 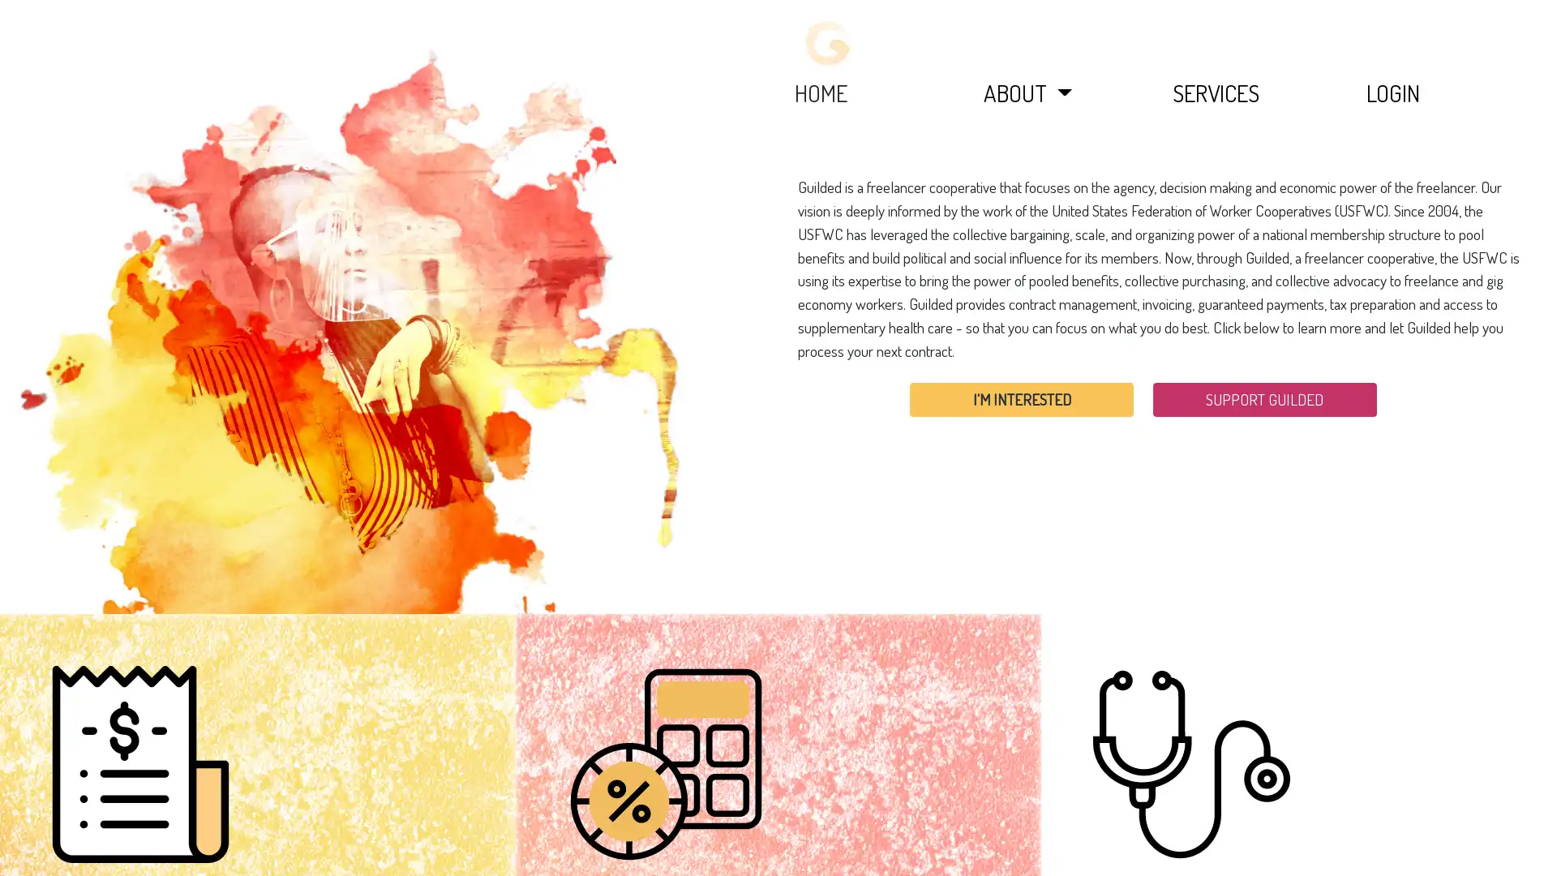 What do you see at coordinates (1263, 399) in the screenshot?
I see `SUPPORT GUILDED` at bounding box center [1263, 399].